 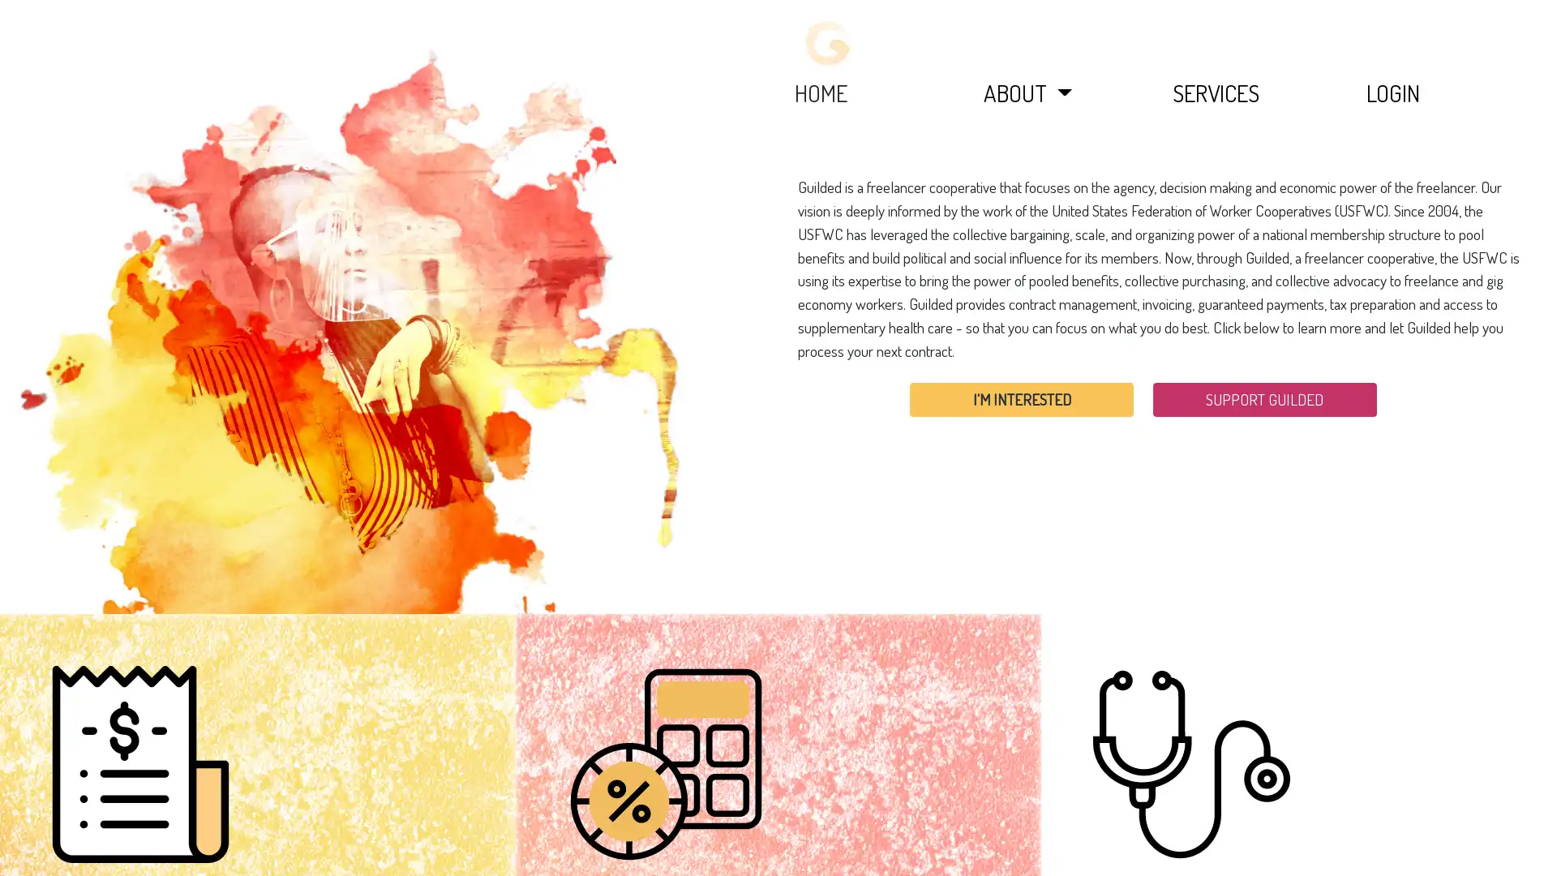 What do you see at coordinates (1263, 399) in the screenshot?
I see `SUPPORT GUILDED` at bounding box center [1263, 399].